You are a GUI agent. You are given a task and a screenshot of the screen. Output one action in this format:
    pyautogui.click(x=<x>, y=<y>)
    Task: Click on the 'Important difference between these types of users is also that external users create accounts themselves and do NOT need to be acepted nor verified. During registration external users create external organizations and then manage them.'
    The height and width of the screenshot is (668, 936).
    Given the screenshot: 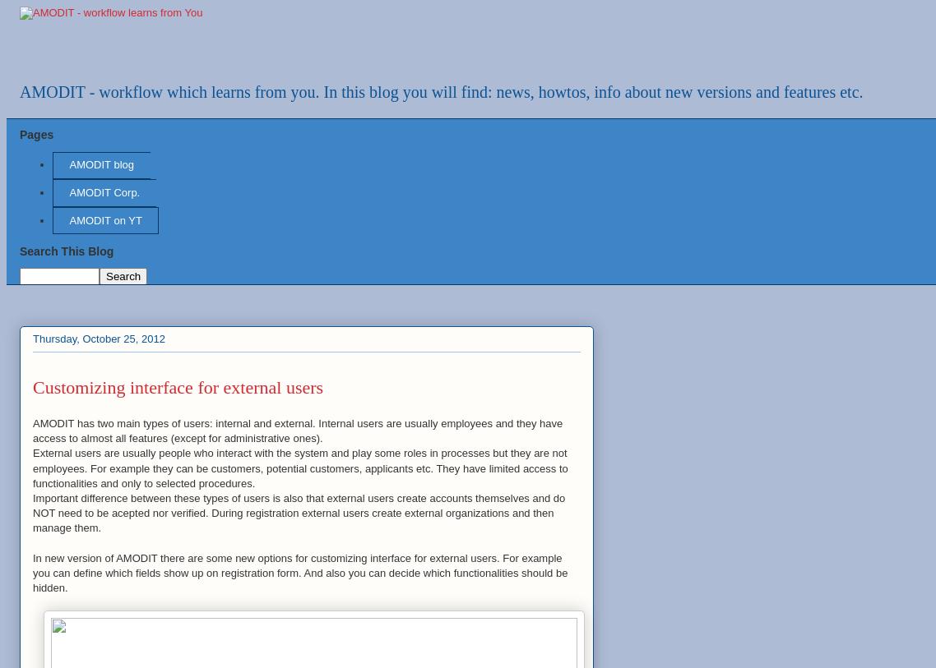 What is the action you would take?
    pyautogui.click(x=299, y=512)
    